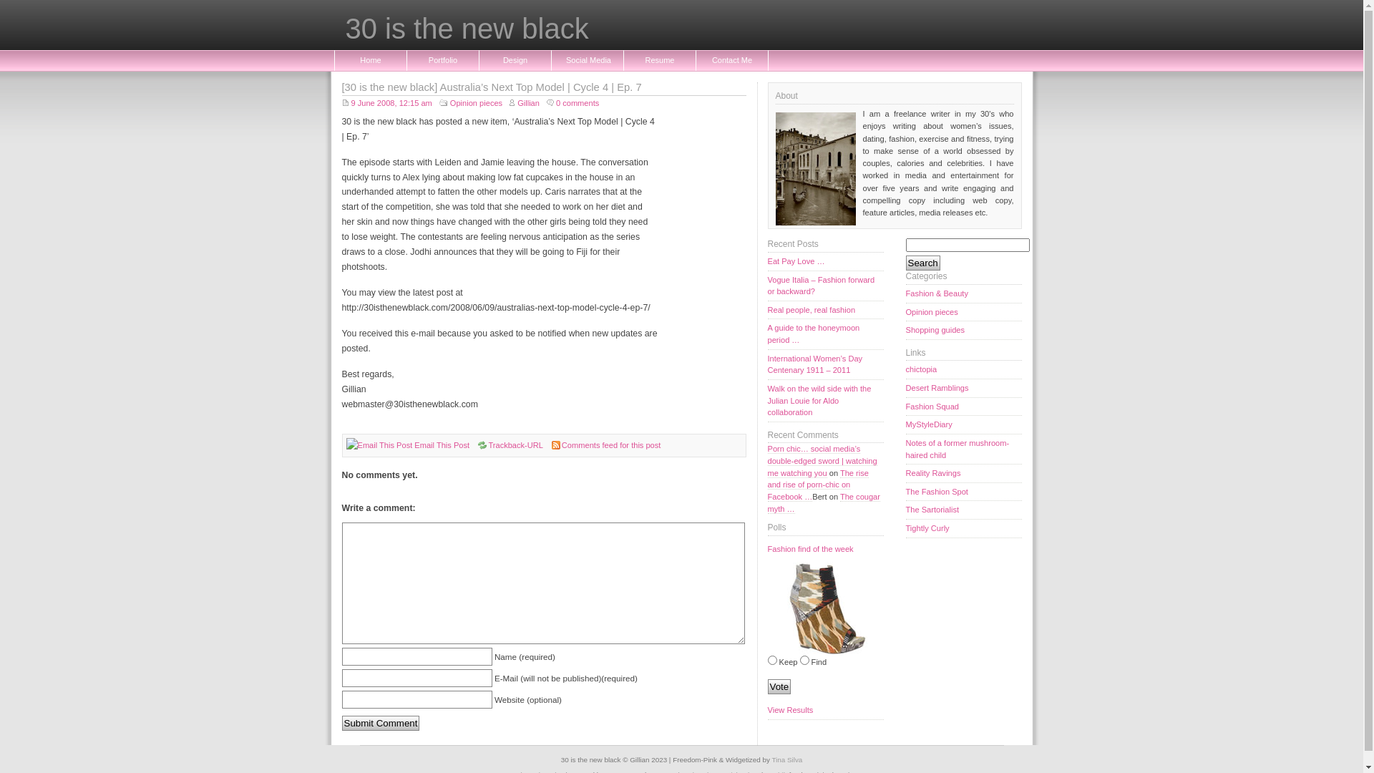 The image size is (1374, 773). What do you see at coordinates (509, 102) in the screenshot?
I see `'Gillian'` at bounding box center [509, 102].